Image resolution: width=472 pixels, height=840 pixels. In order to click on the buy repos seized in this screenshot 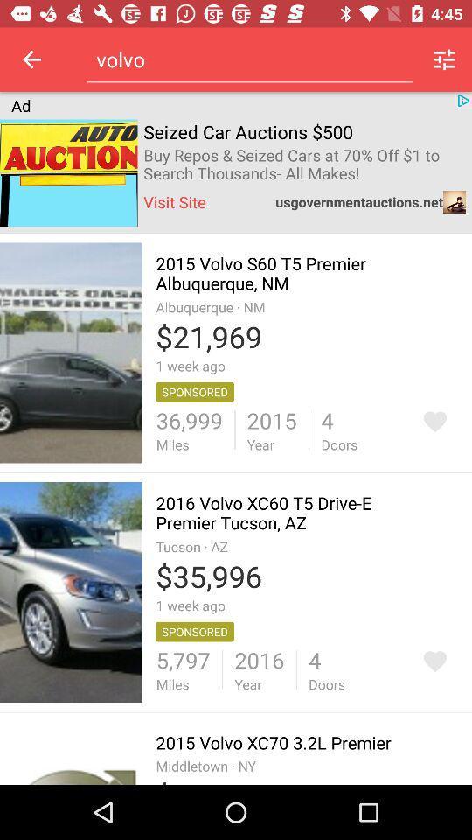, I will do `click(303, 164)`.